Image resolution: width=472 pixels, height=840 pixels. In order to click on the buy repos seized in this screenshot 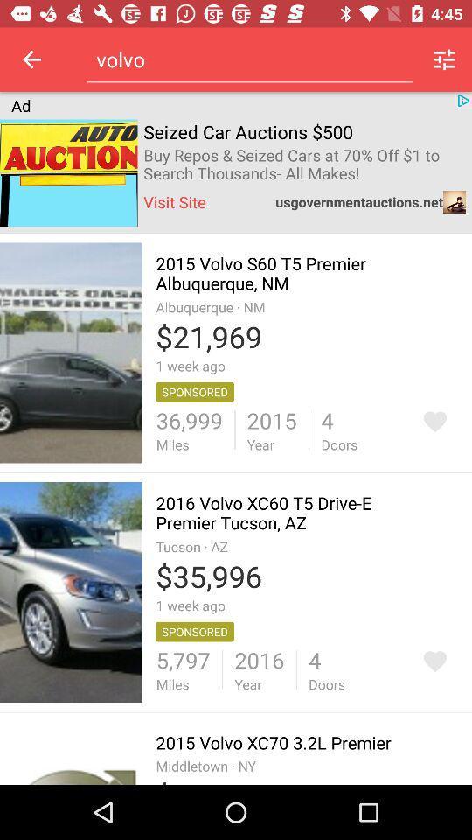, I will do `click(303, 164)`.